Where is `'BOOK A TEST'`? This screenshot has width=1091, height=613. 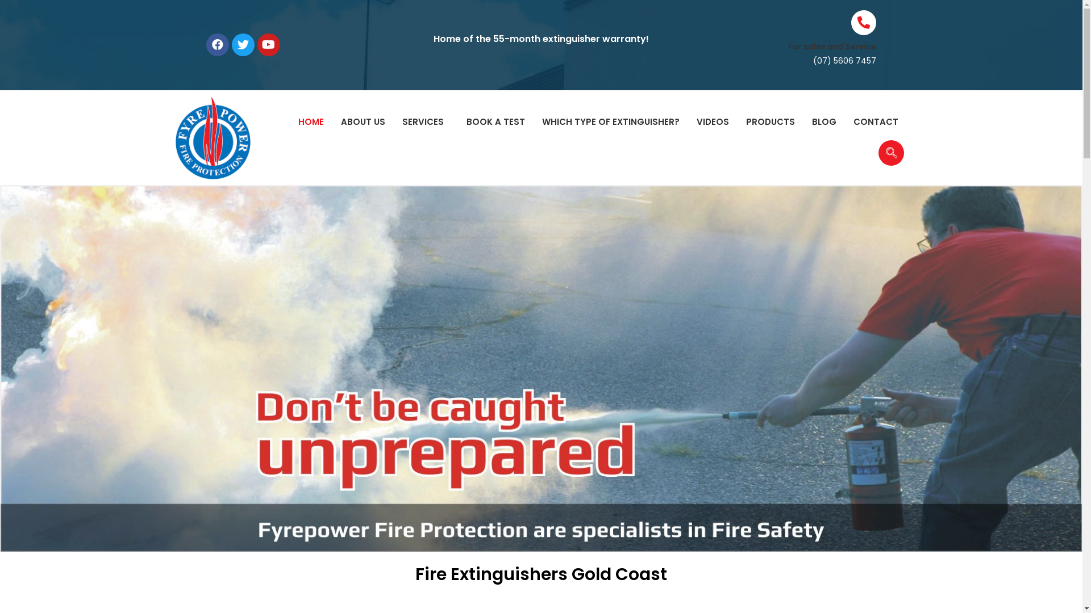 'BOOK A TEST' is located at coordinates (495, 122).